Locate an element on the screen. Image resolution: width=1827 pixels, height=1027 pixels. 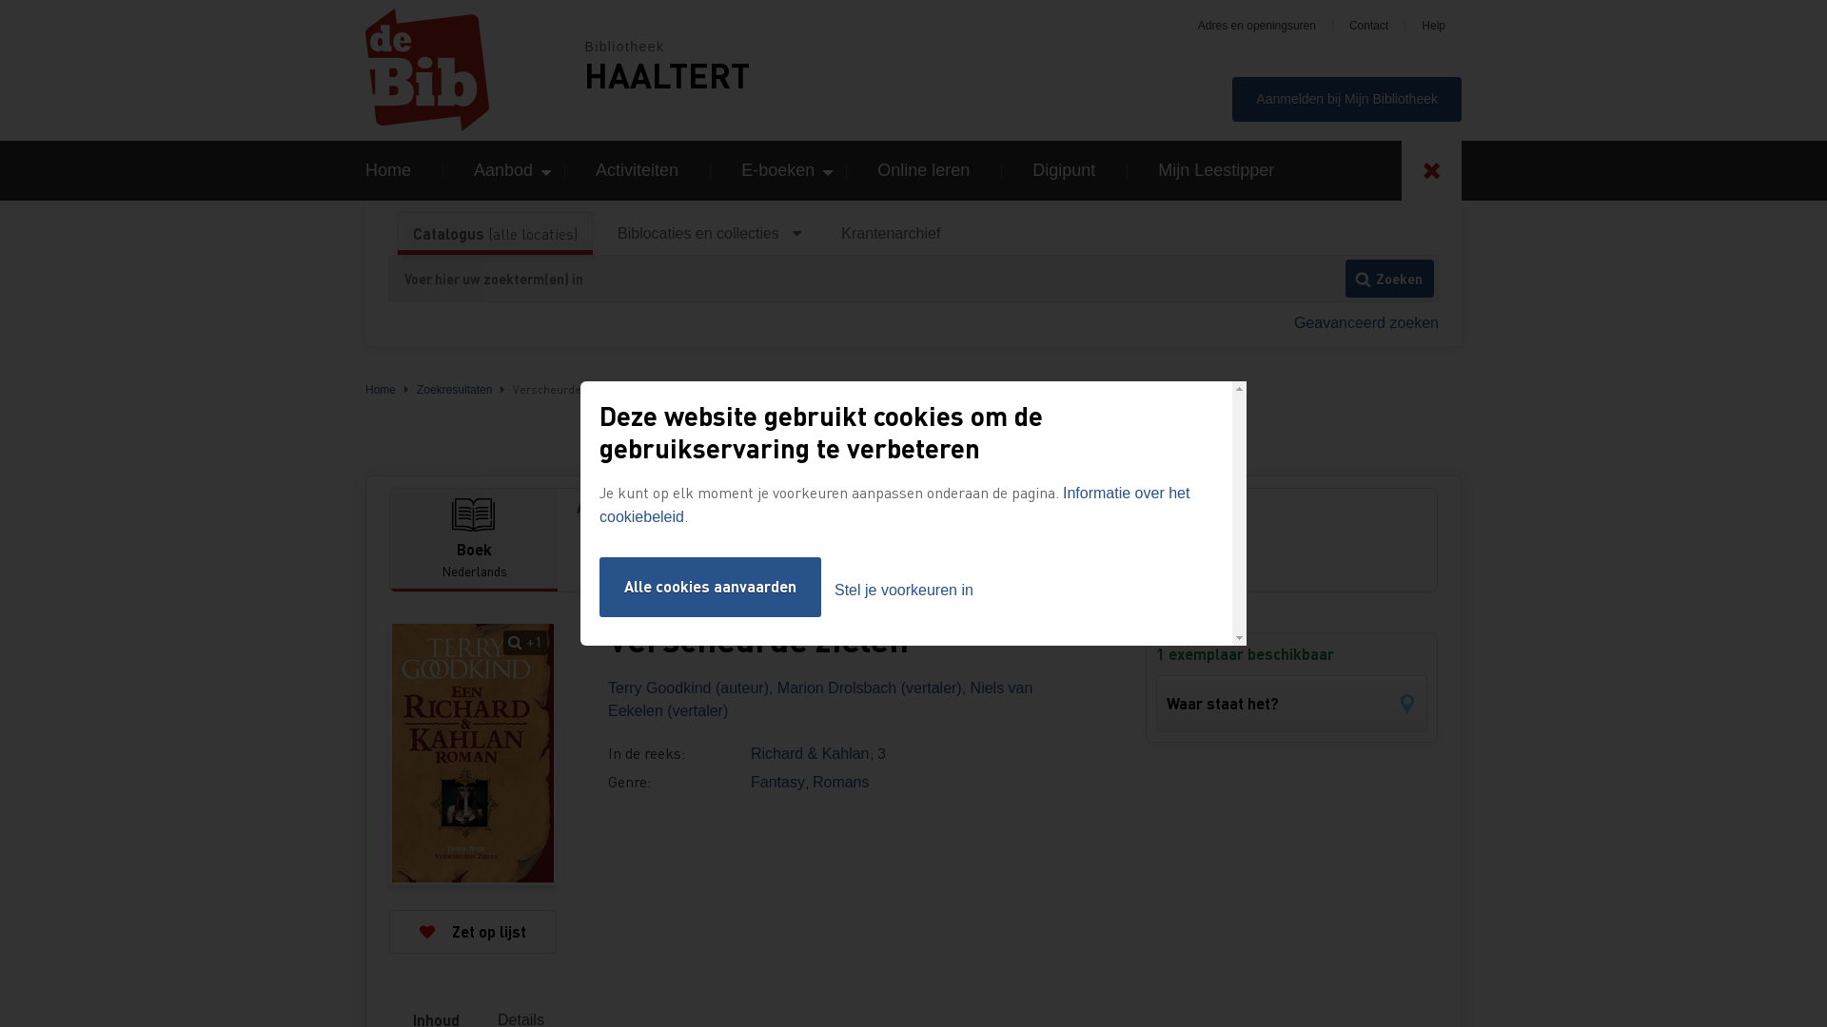
'Aanmelden bij Mijn Bibliotheek' is located at coordinates (1346, 99).